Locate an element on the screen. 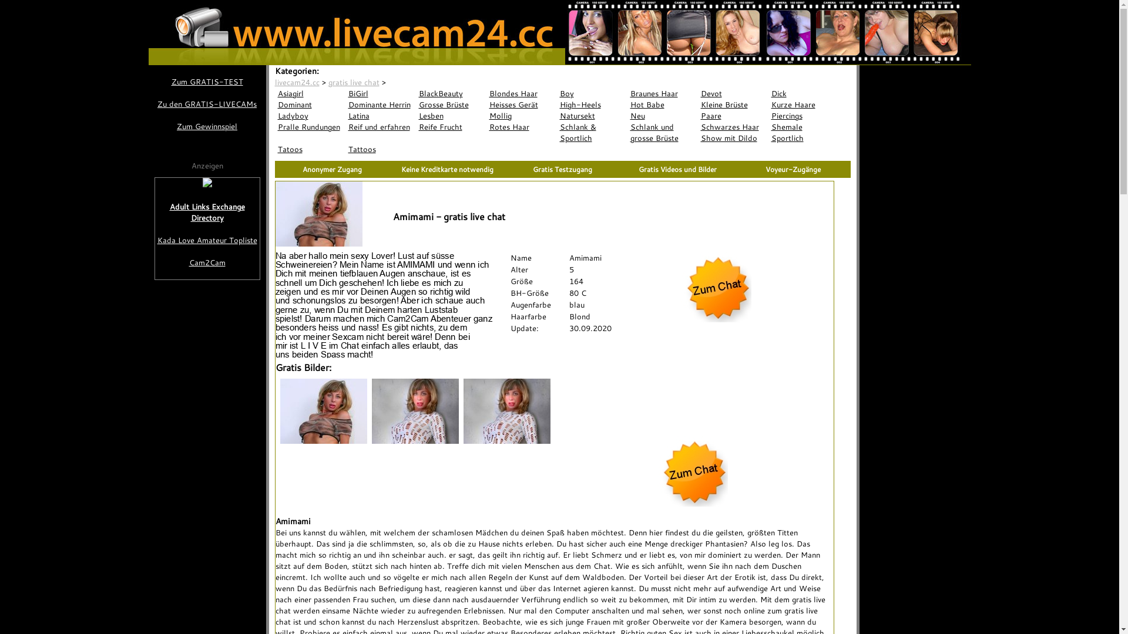  'Dominant' is located at coordinates (310, 104).